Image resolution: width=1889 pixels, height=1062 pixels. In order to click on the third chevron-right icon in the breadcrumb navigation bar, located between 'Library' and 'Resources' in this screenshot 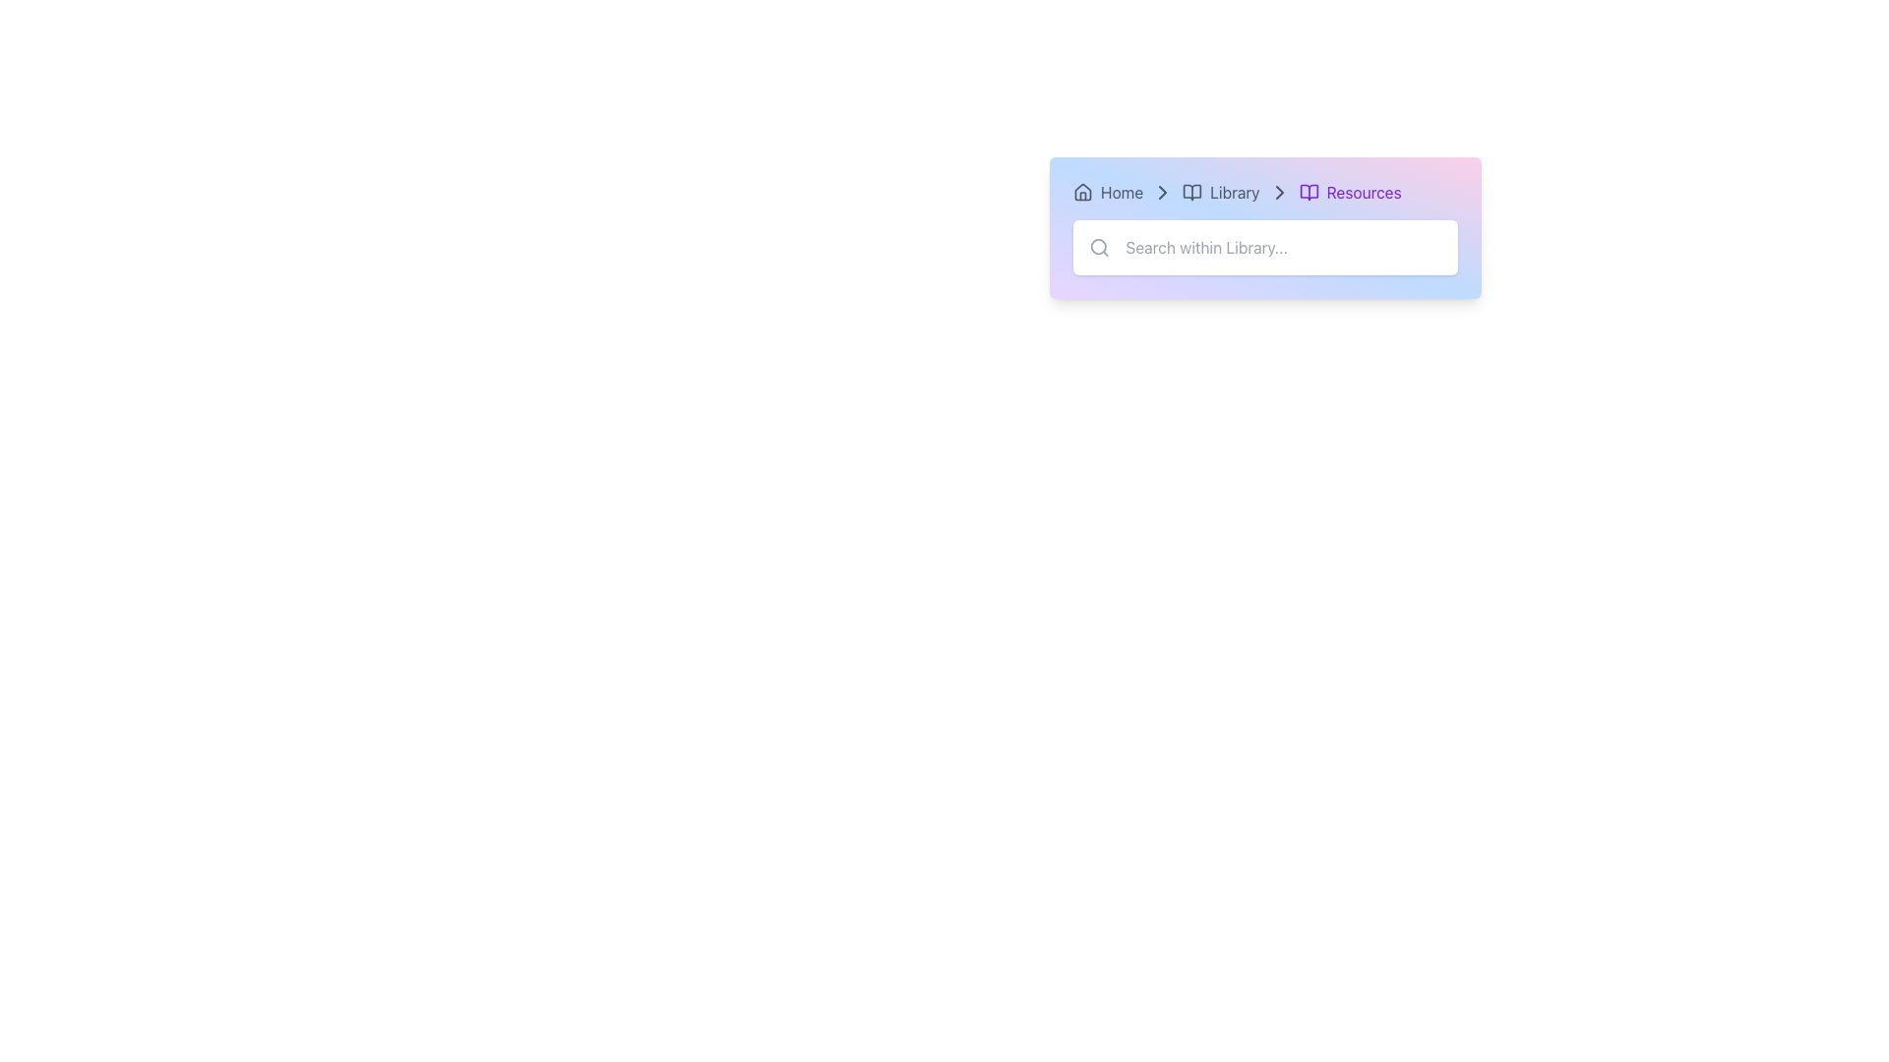, I will do `click(1279, 193)`.